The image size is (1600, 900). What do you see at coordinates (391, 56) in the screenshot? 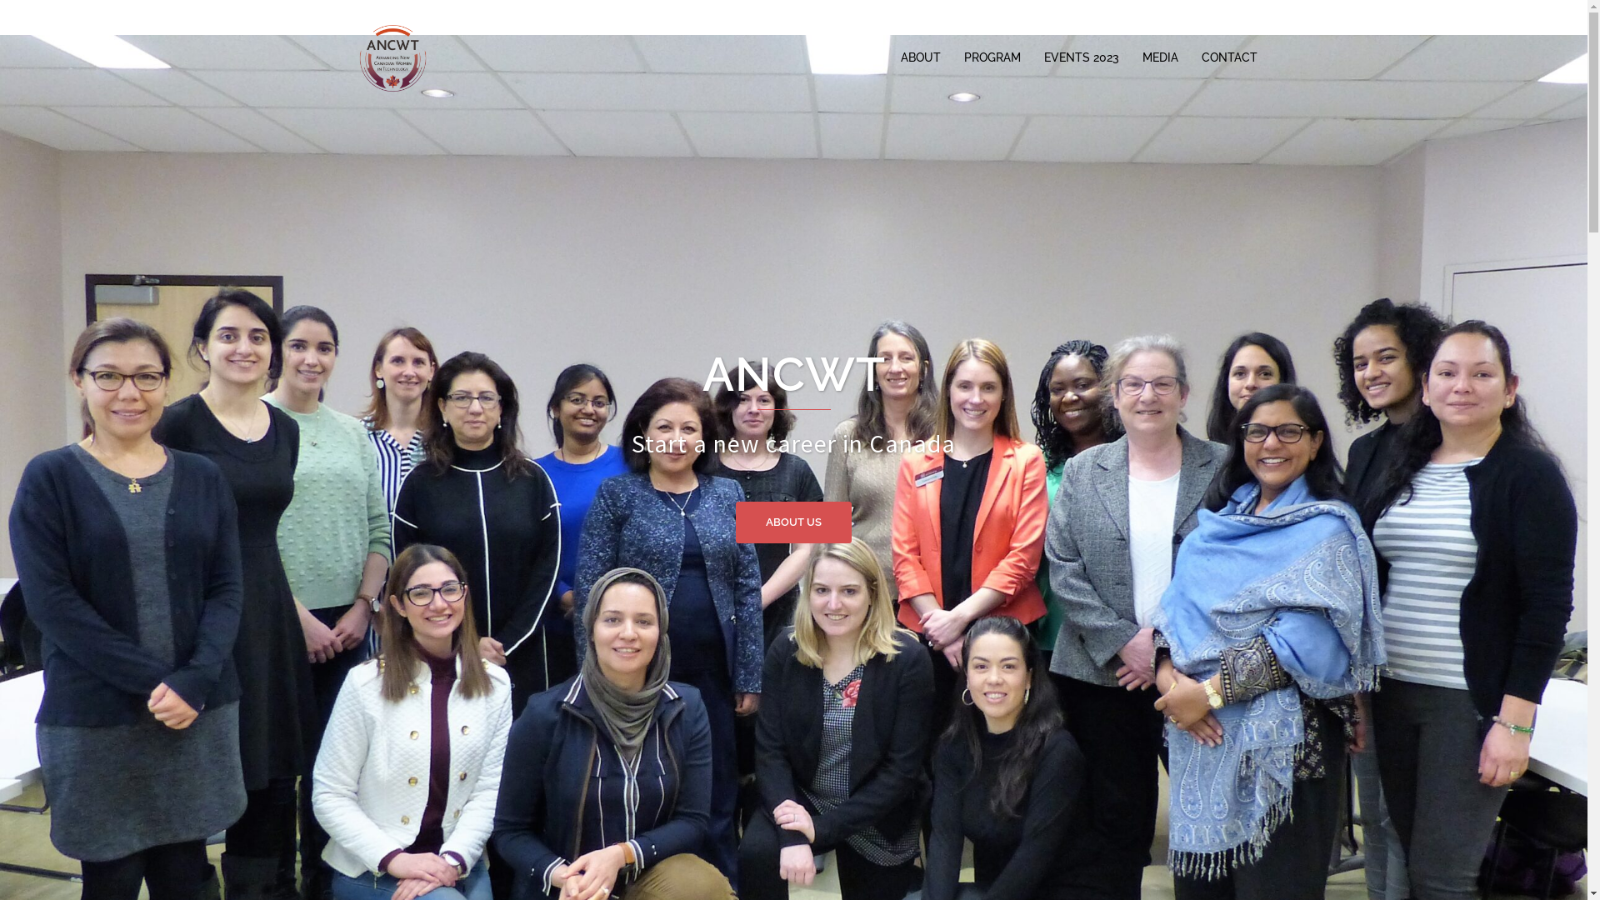
I see `'ANCWT'` at bounding box center [391, 56].